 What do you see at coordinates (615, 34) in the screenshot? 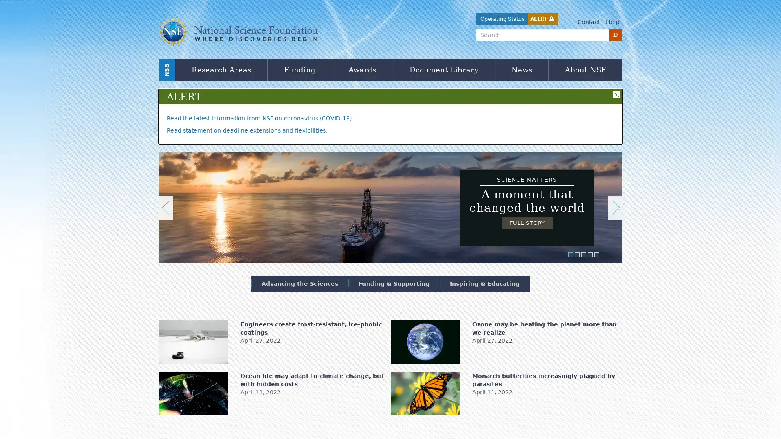
I see `search` at bounding box center [615, 34].